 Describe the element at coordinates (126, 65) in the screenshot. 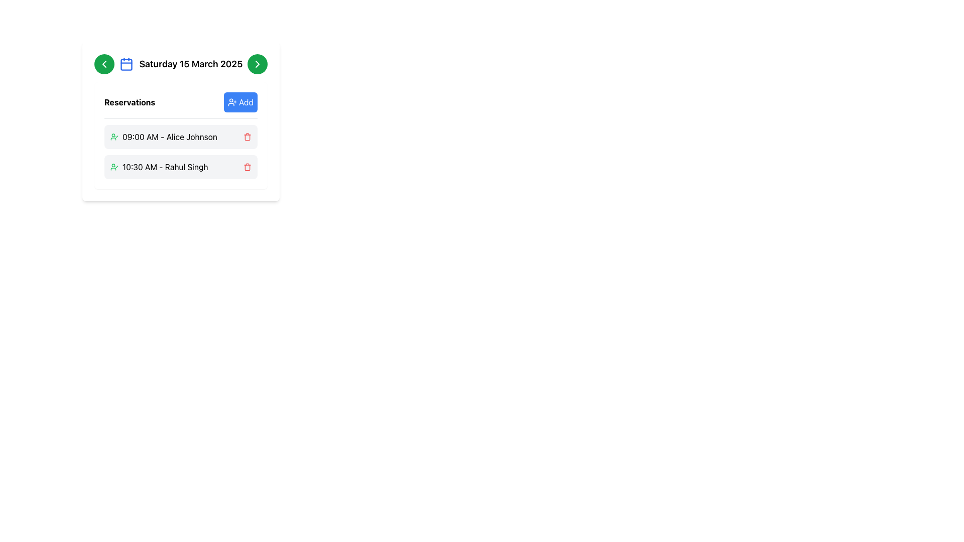

I see `the rectangular frame with rounded corners inside the blue outlined calendar icon located in the top-left area of the user interface` at that location.